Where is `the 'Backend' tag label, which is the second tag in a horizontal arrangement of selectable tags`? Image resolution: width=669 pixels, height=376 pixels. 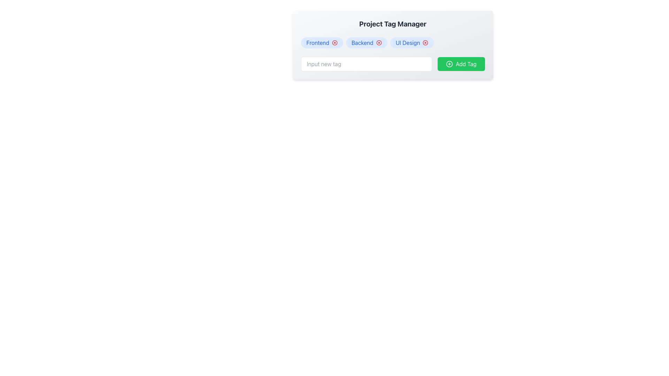 the 'Backend' tag label, which is the second tag in a horizontal arrangement of selectable tags is located at coordinates (362, 43).